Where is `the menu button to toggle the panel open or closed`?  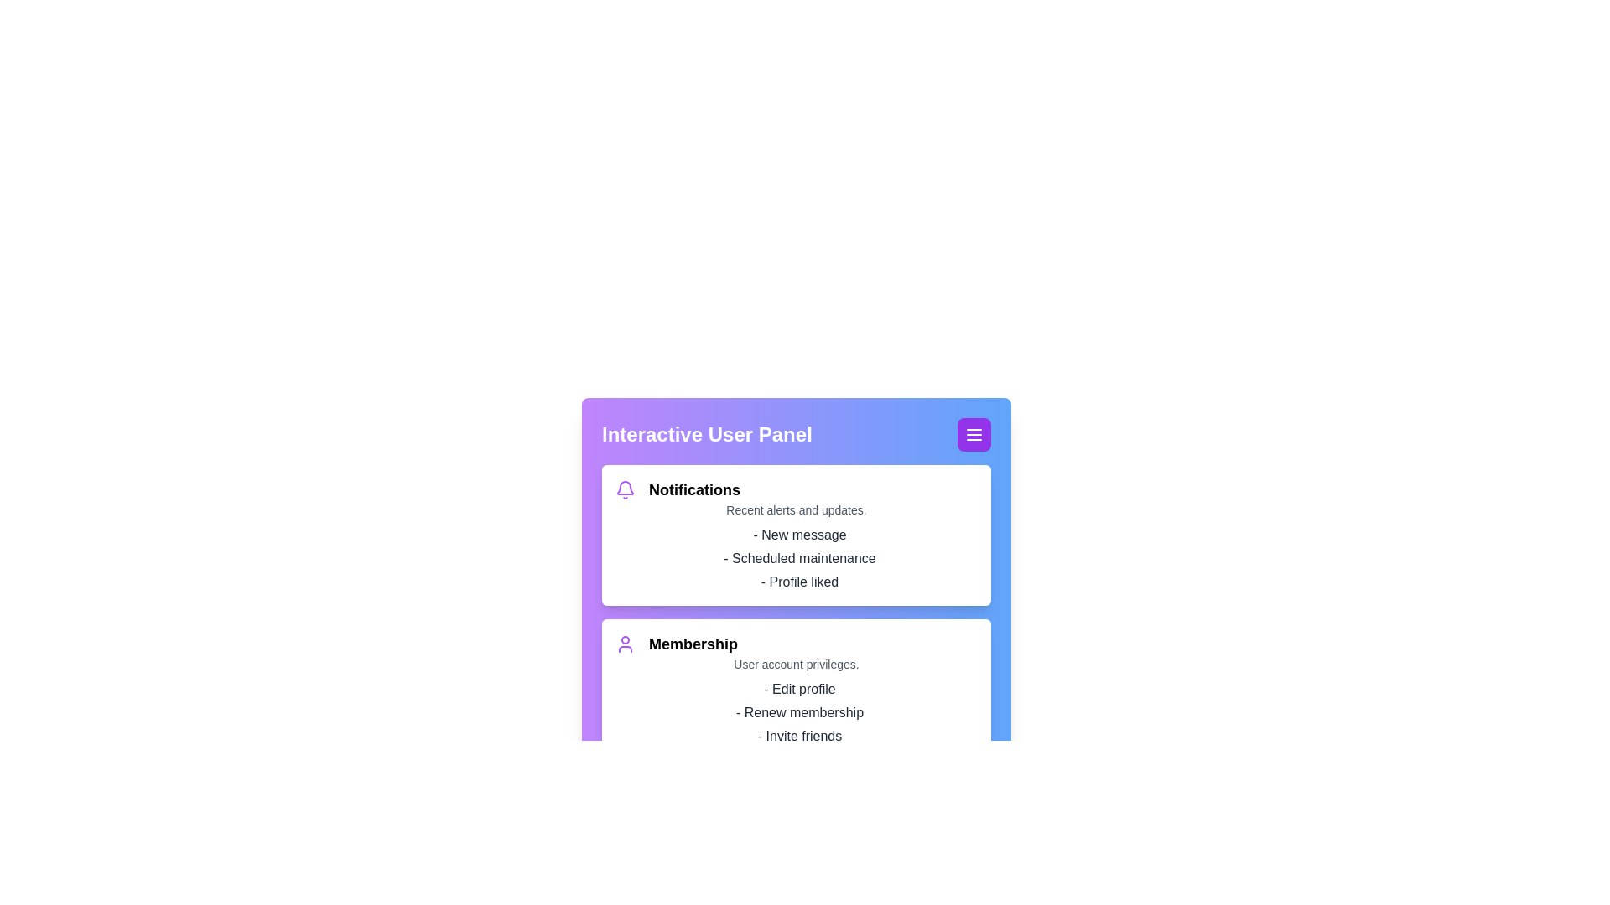 the menu button to toggle the panel open or closed is located at coordinates (974, 434).